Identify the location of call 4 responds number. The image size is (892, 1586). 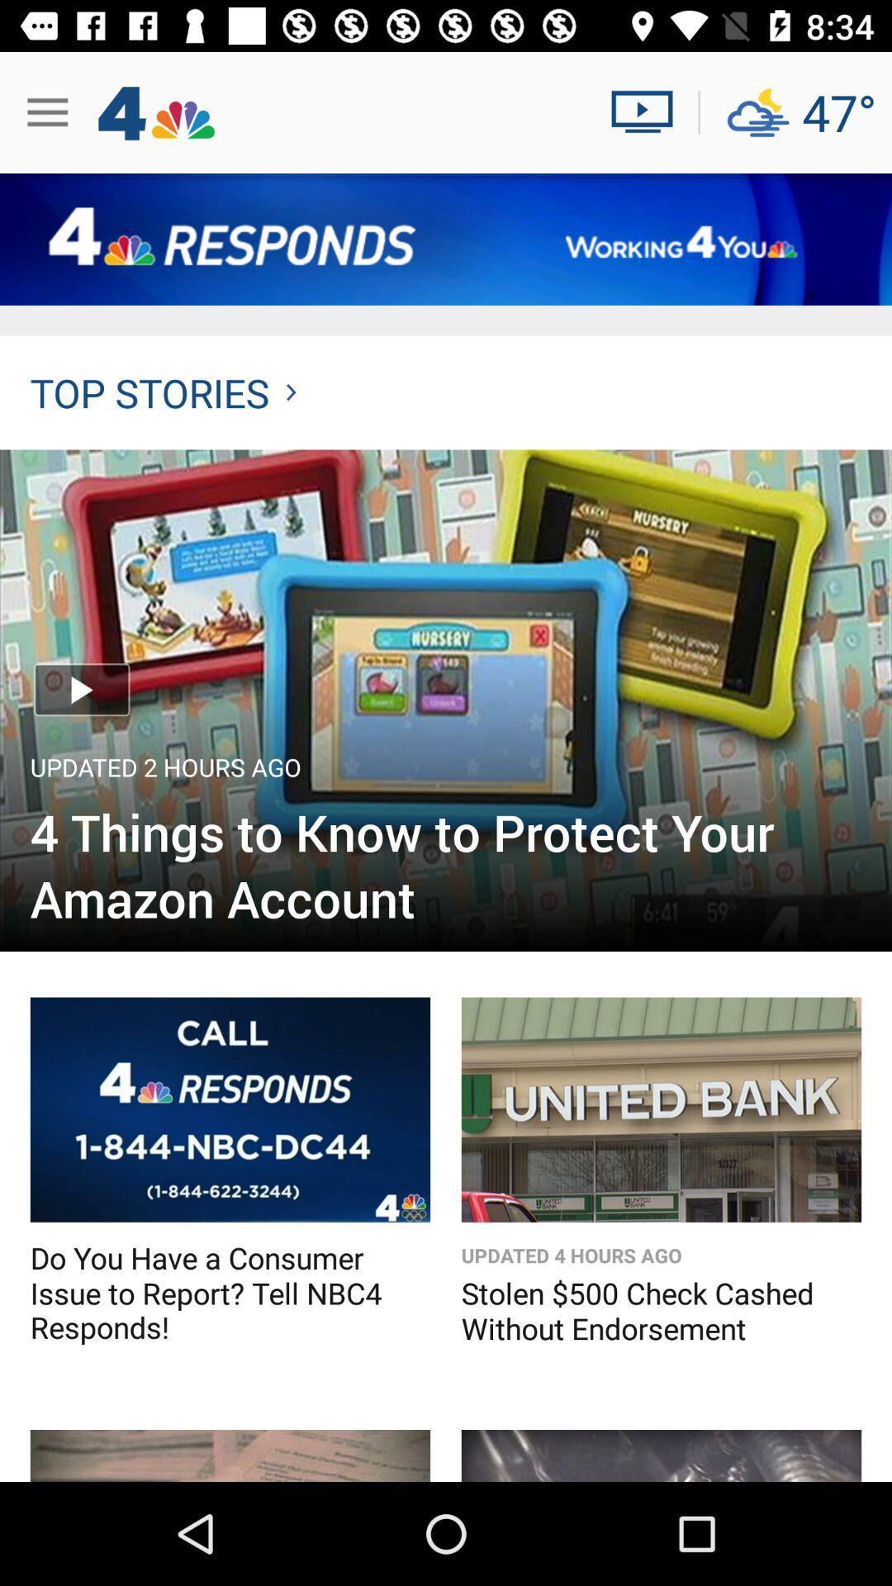
(230, 1109).